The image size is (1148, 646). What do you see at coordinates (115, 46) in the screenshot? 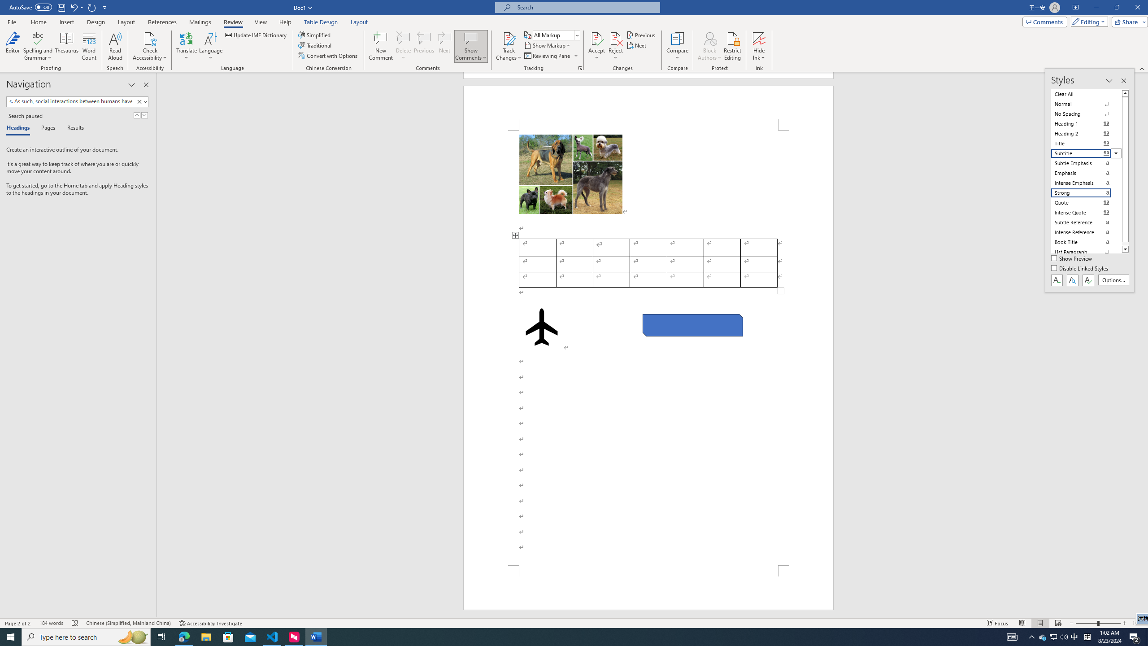
I see `'Read Aloud'` at bounding box center [115, 46].